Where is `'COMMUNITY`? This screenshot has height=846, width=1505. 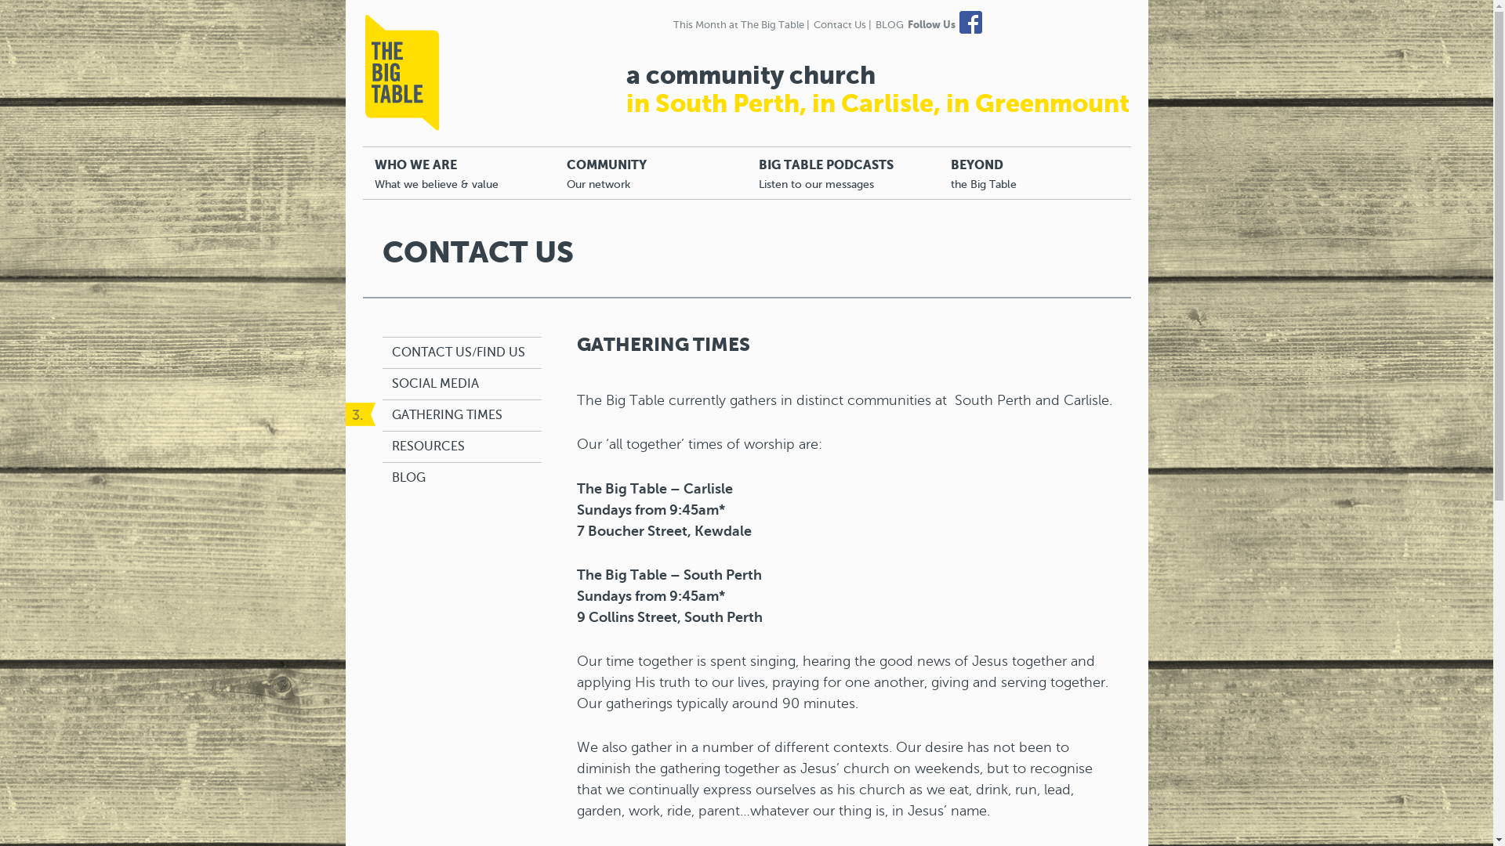 'COMMUNITY is located at coordinates (651, 172).